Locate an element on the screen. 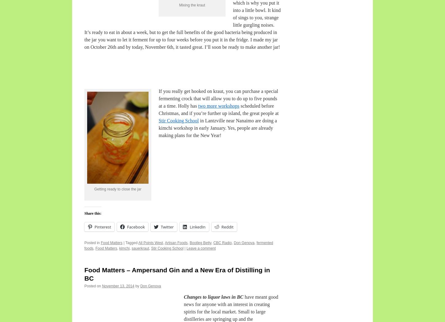 This screenshot has height=322, width=445. 'Reddit' is located at coordinates (227, 226).